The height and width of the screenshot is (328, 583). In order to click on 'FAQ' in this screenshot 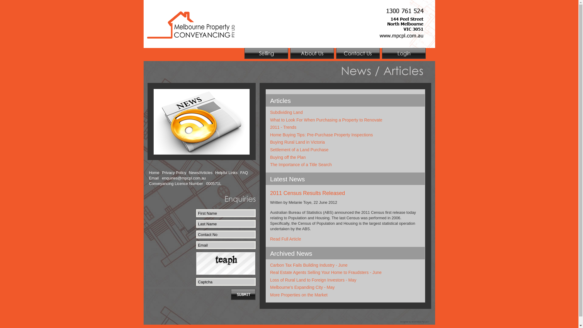, I will do `click(244, 173)`.